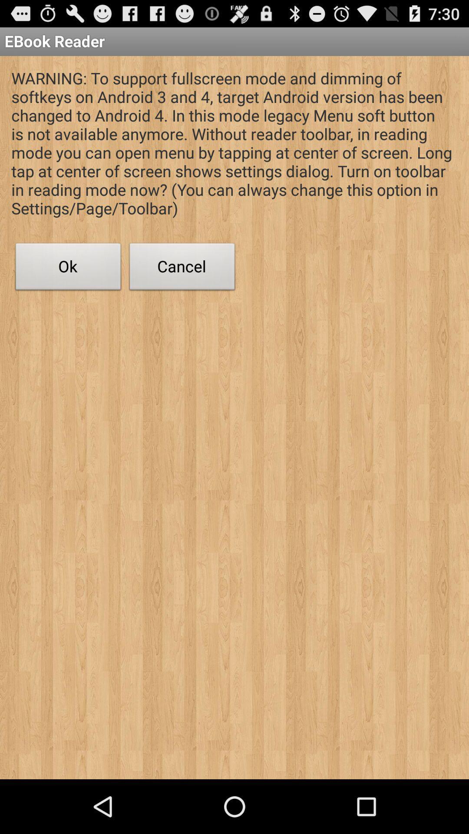  What do you see at coordinates (68, 268) in the screenshot?
I see `button at the top left corner` at bounding box center [68, 268].